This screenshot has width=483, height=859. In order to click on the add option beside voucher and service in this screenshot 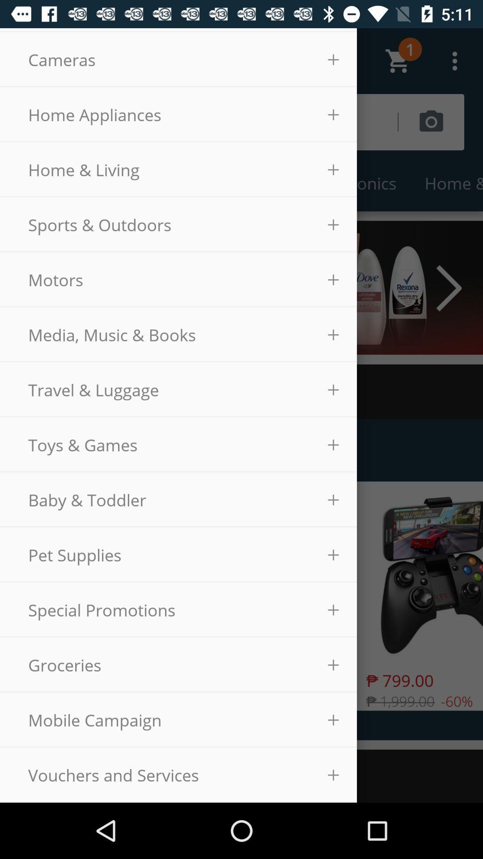, I will do `click(333, 774)`.